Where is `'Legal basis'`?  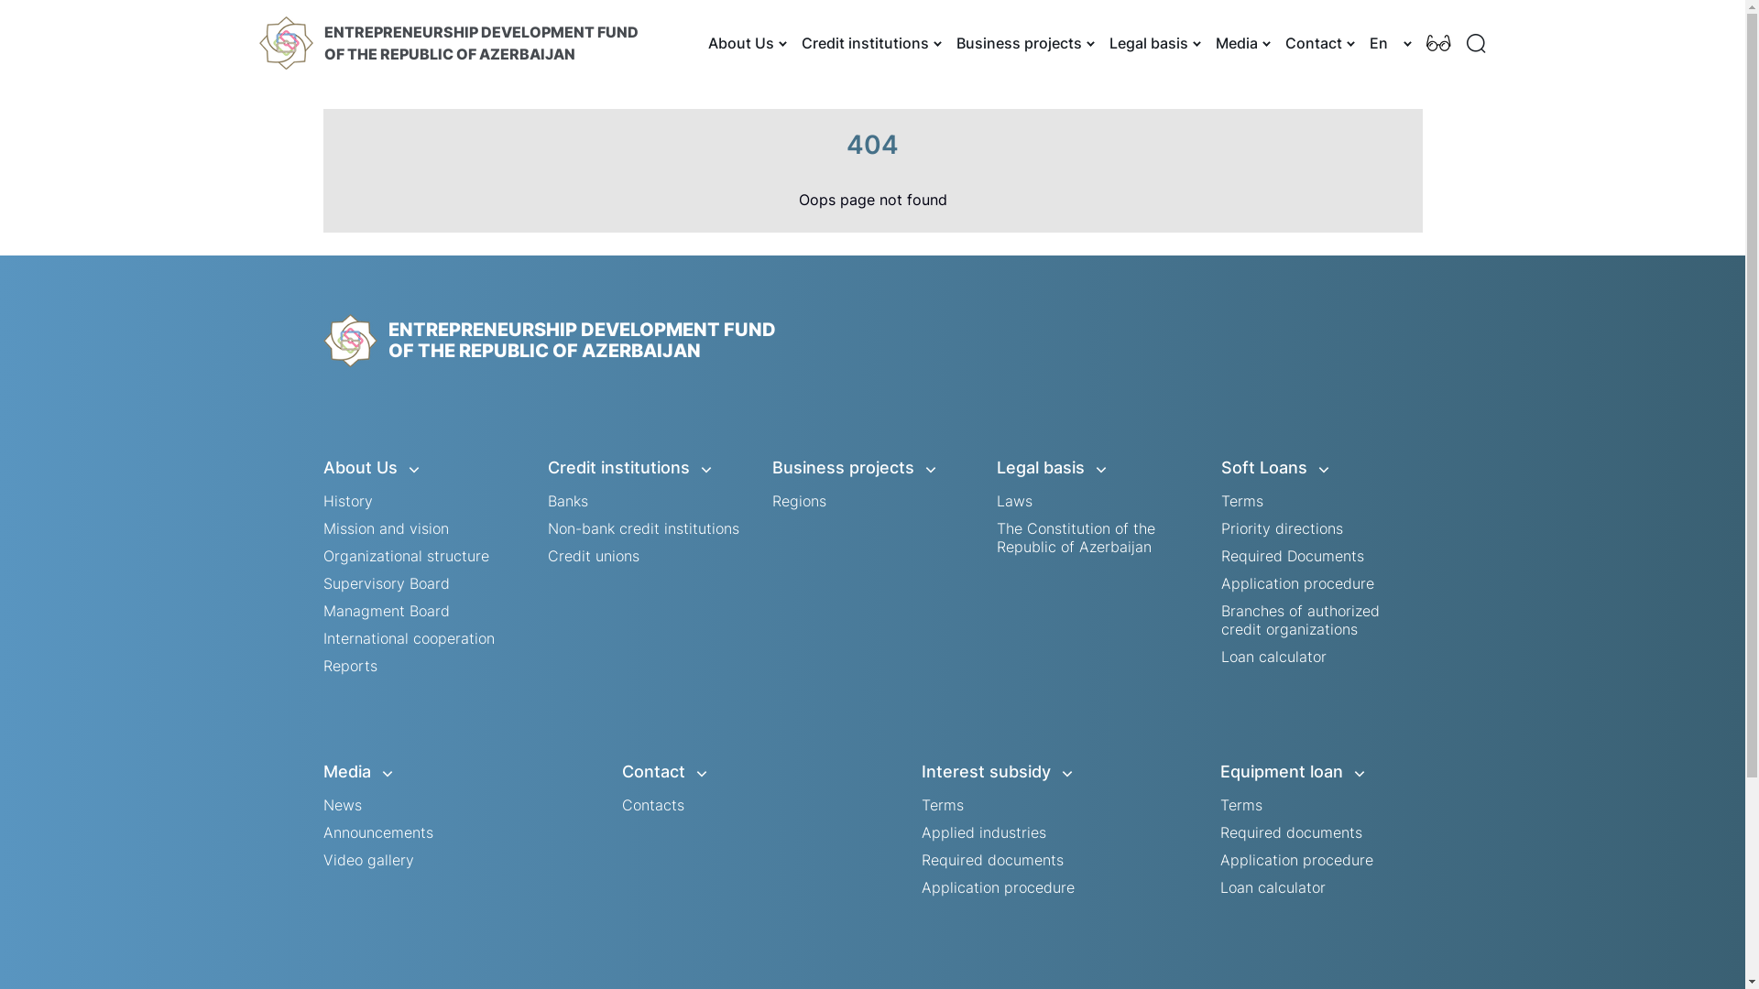 'Legal basis' is located at coordinates (996, 466).